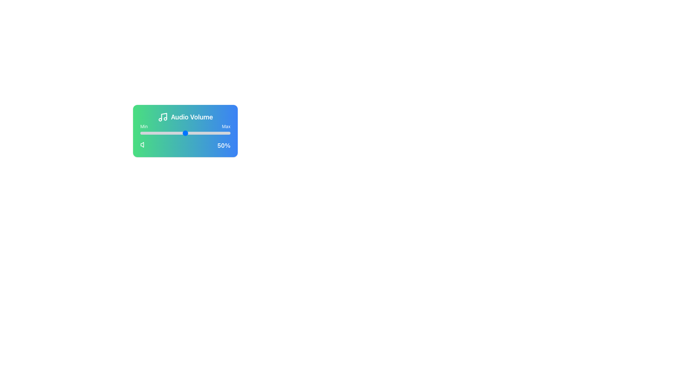  What do you see at coordinates (164, 116) in the screenshot?
I see `the vertical line segment within the musical note icon, located in the upper left corner of the widget preceding the 'Audio Volume' text` at bounding box center [164, 116].